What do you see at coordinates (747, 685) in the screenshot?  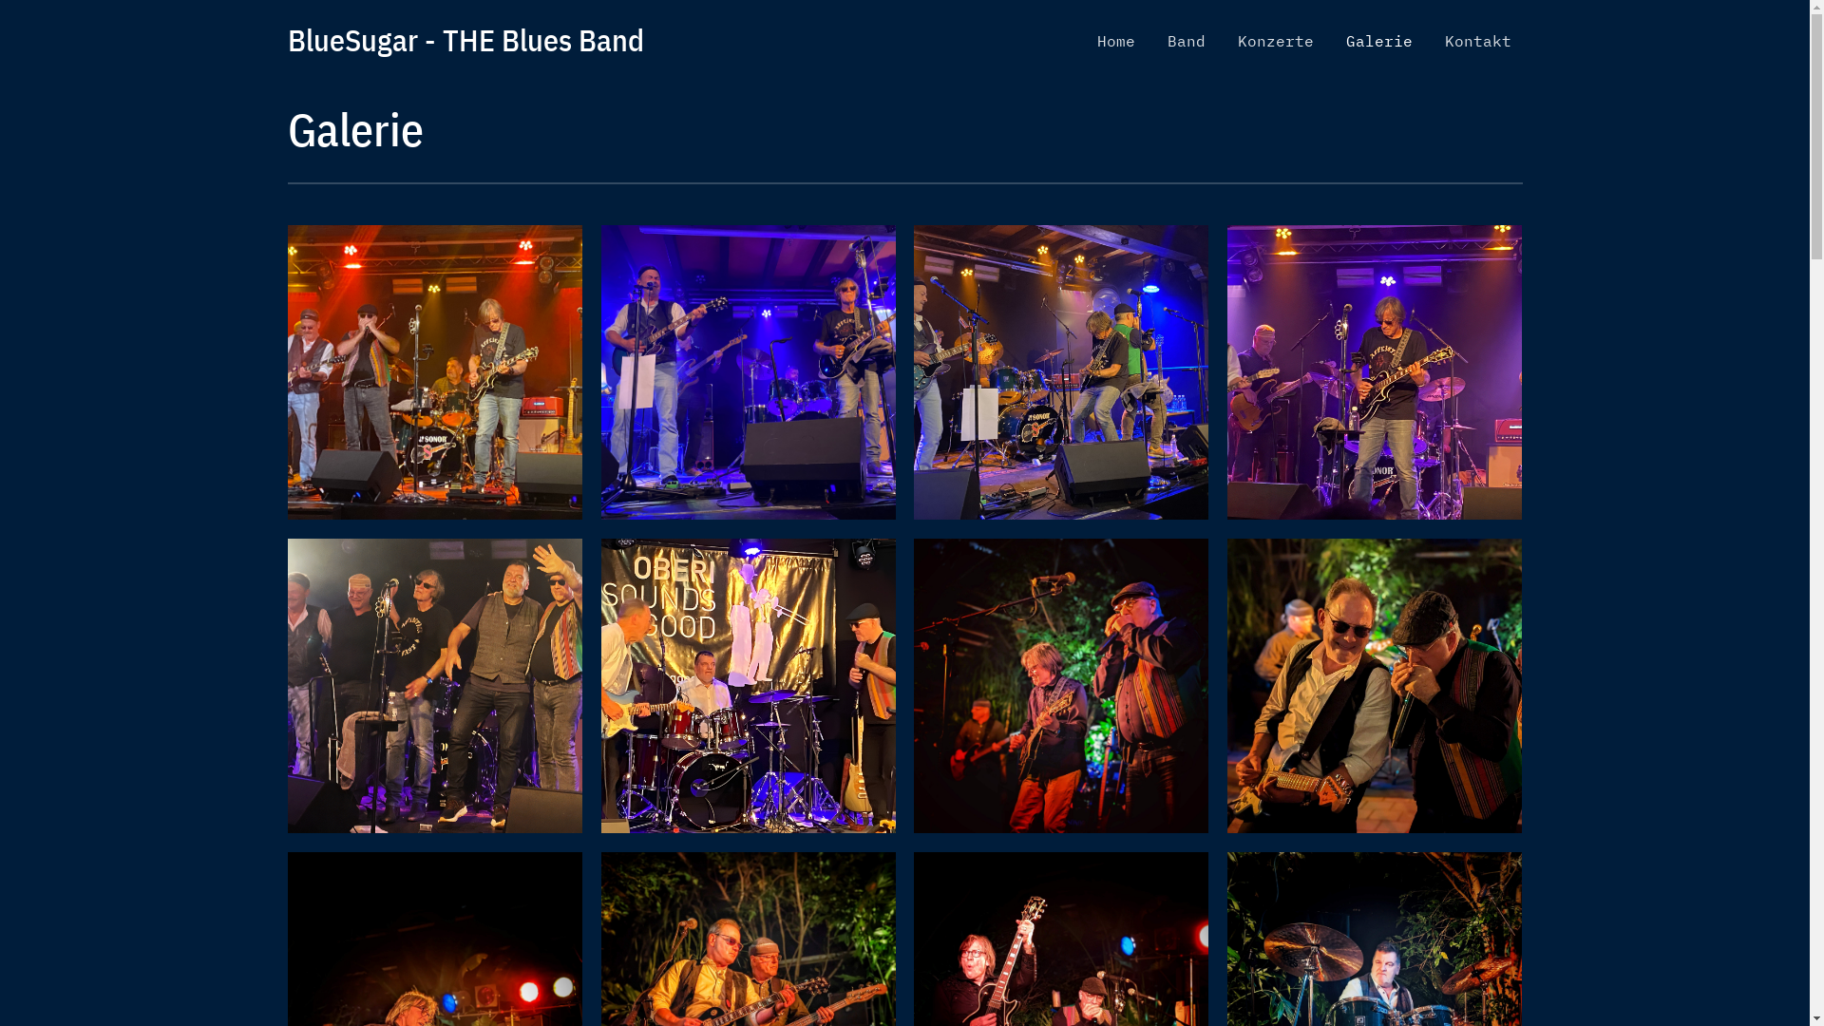 I see `'Oberi Sounds Good Oberwinterthur'` at bounding box center [747, 685].